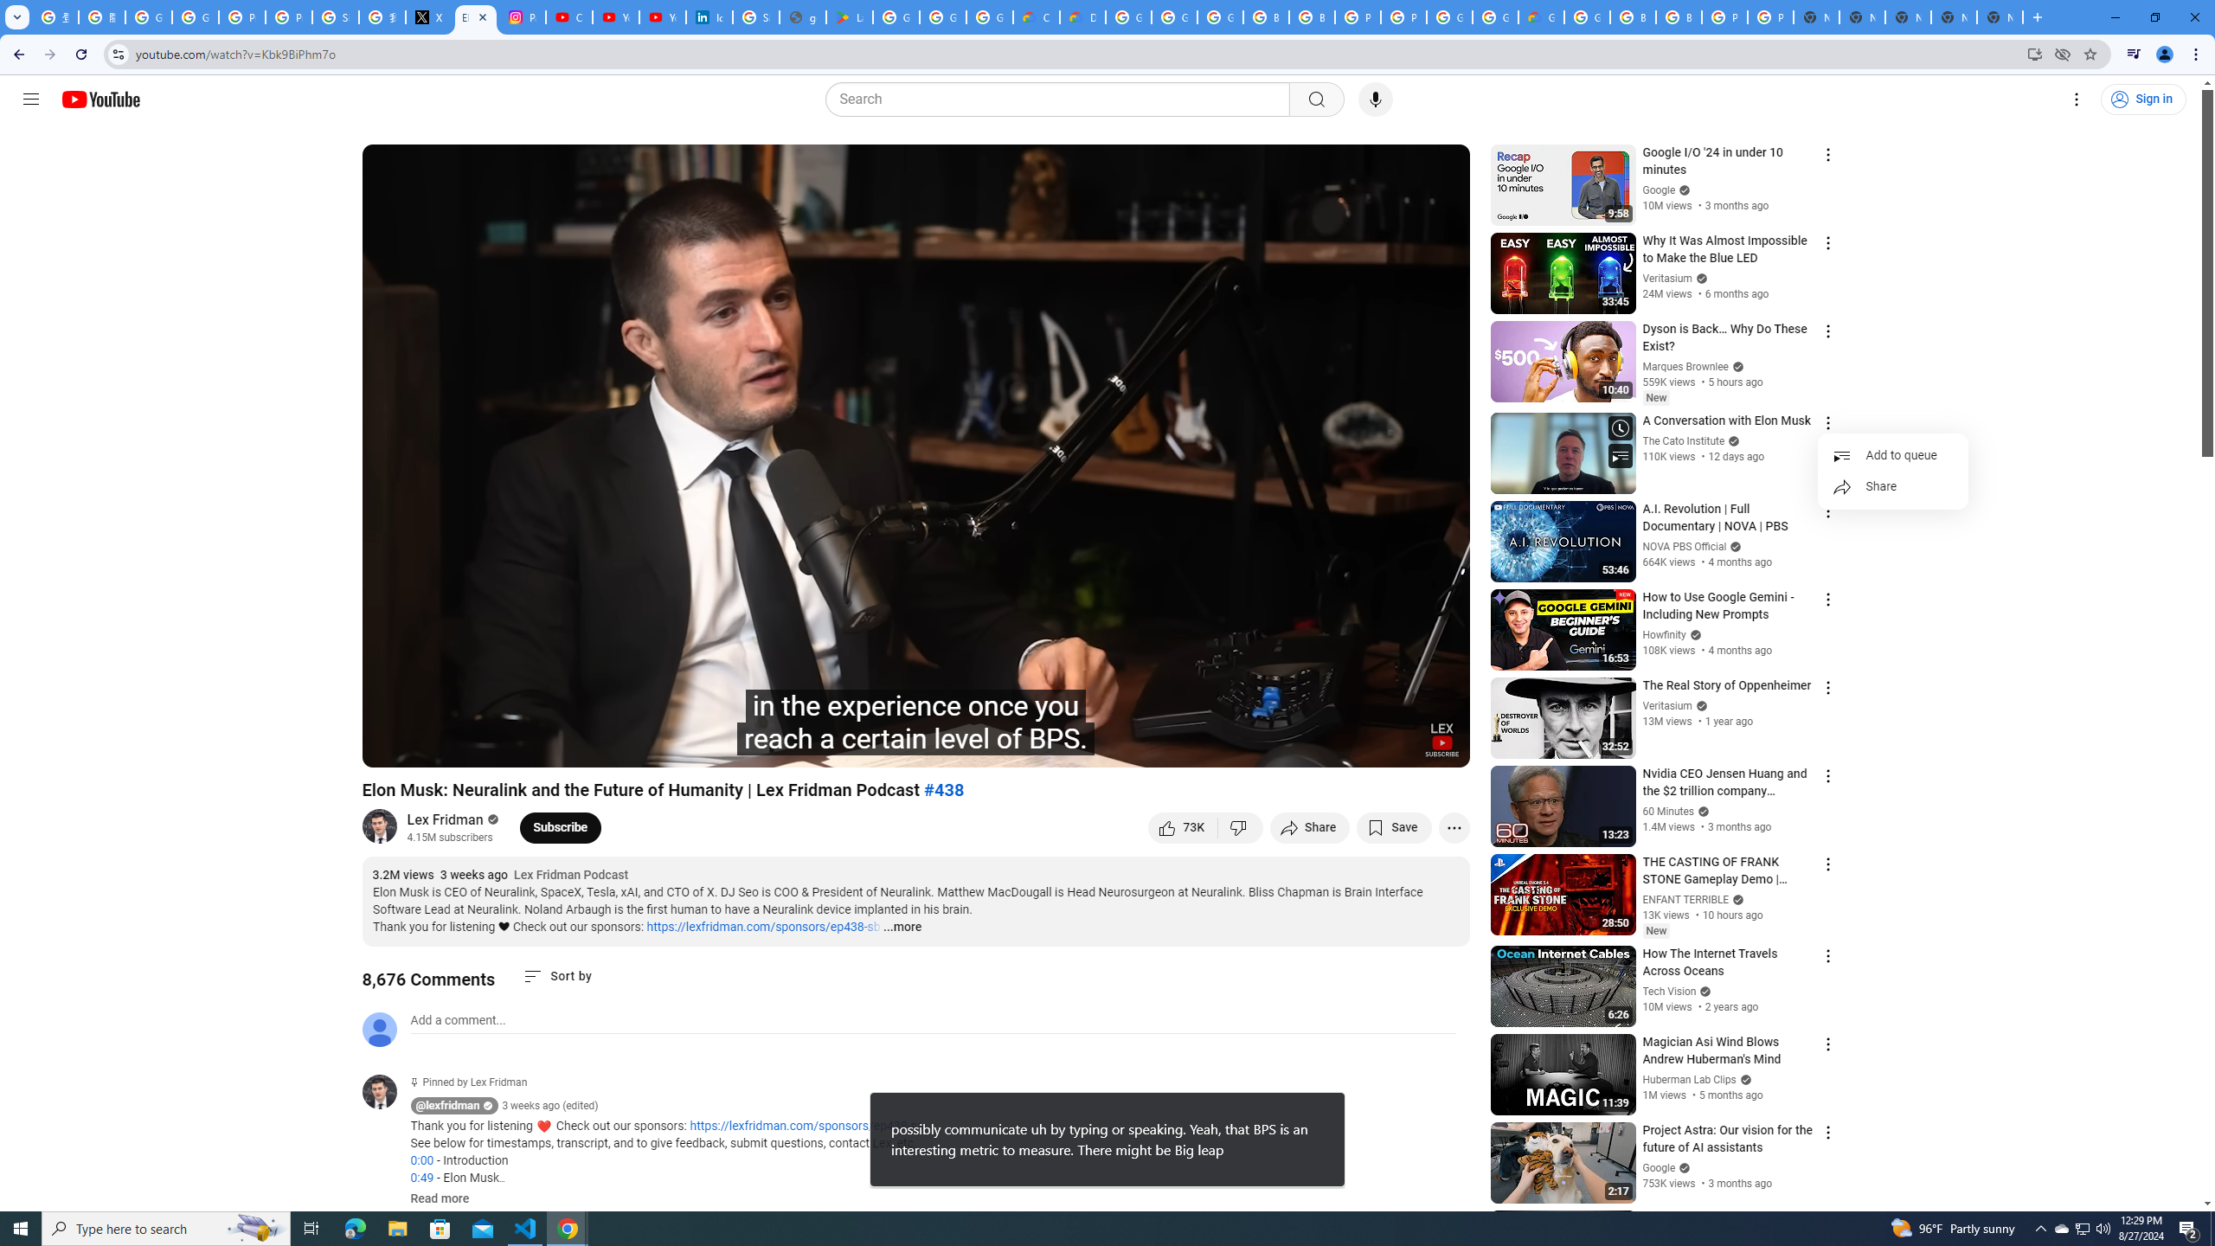  What do you see at coordinates (1241, 826) in the screenshot?
I see `'Dislike this video'` at bounding box center [1241, 826].